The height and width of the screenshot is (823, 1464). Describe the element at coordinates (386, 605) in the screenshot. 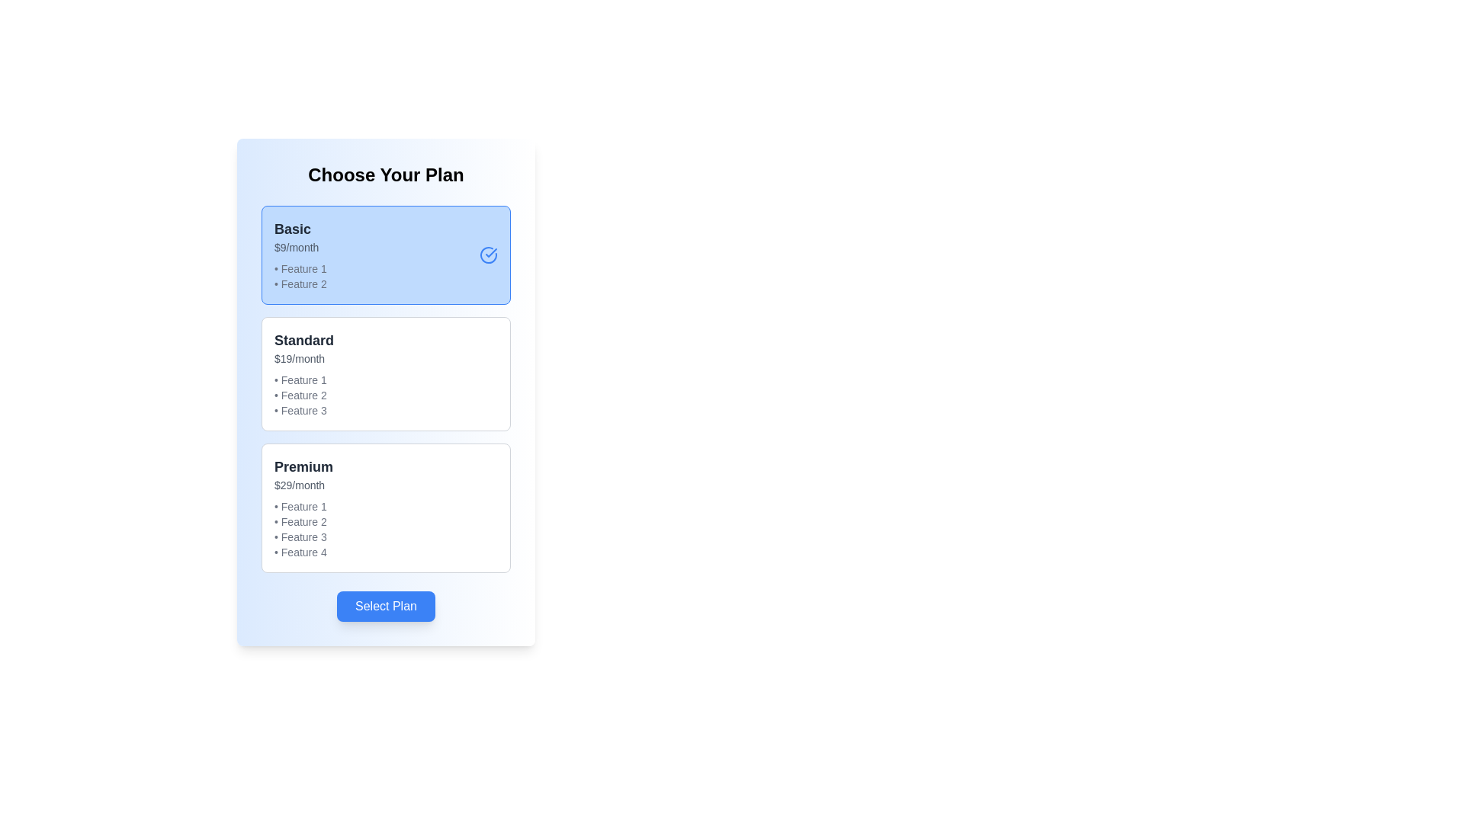

I see `the confirm button positioned below the subscription plan options` at that location.